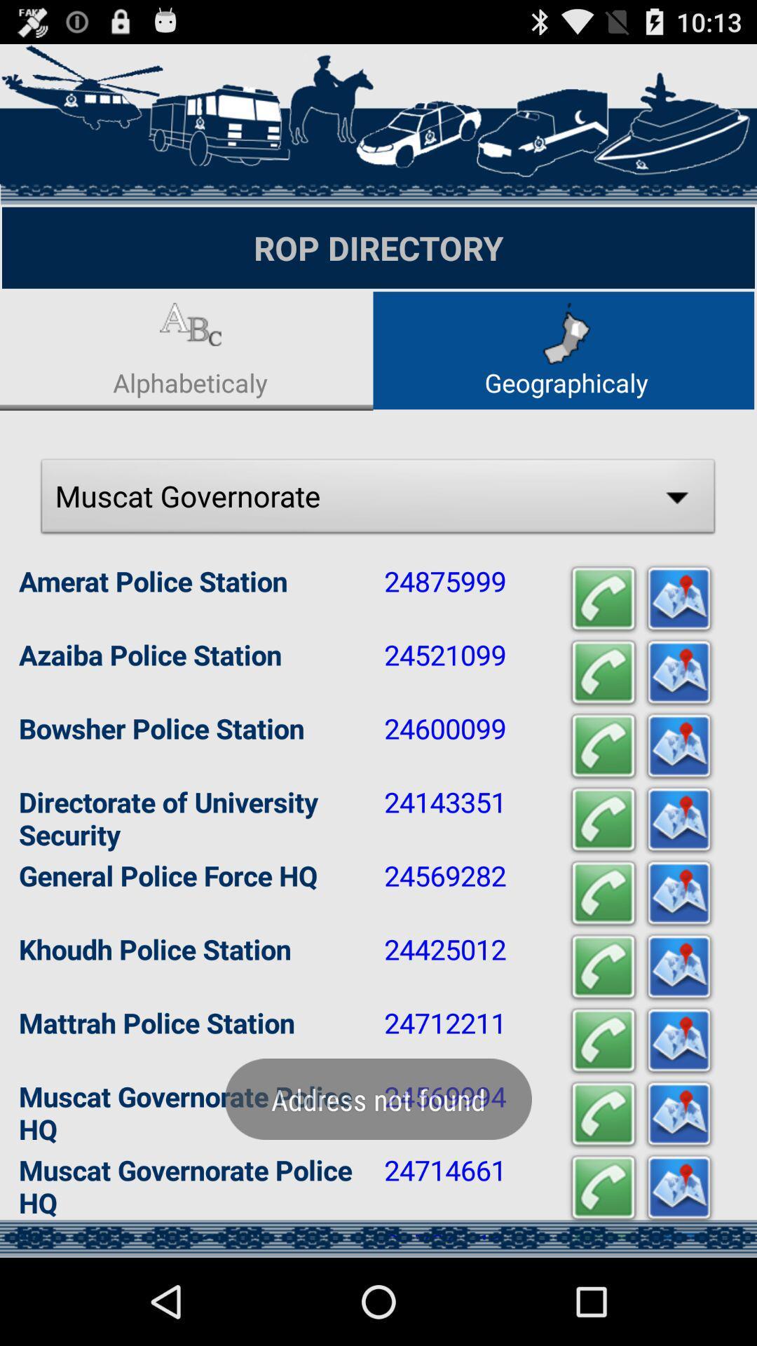 The width and height of the screenshot is (757, 1346). I want to click on the call icon, so click(602, 641).